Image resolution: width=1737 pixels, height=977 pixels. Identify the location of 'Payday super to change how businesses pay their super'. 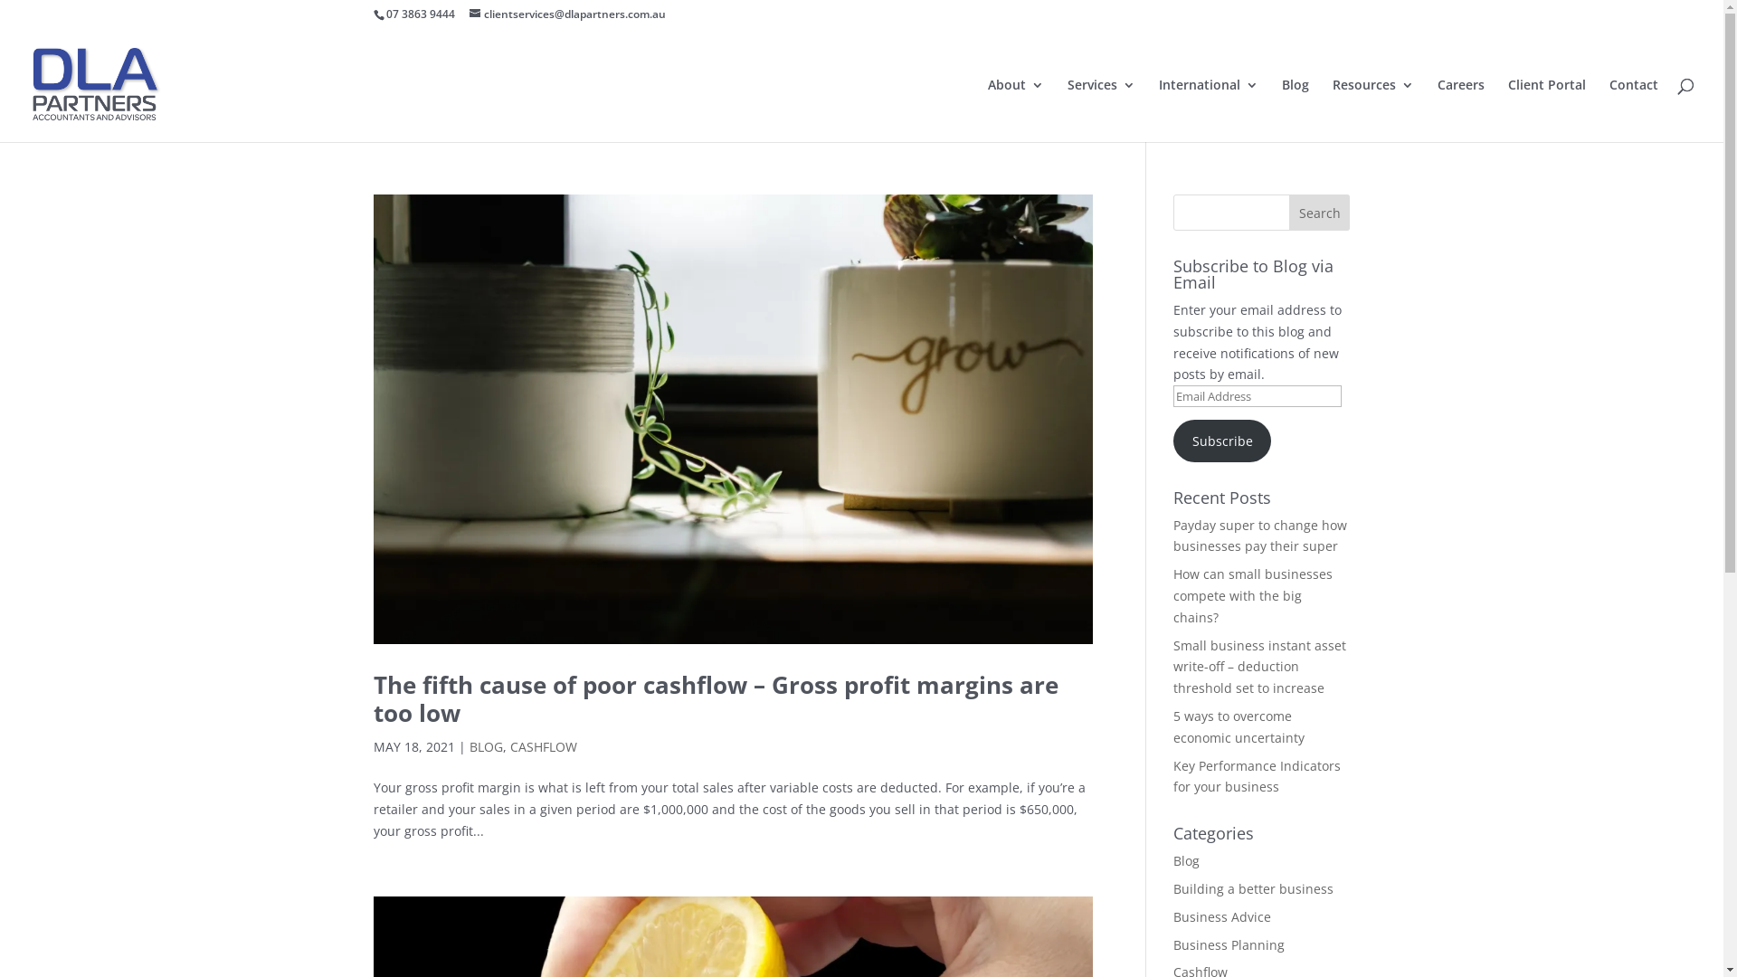
(1258, 535).